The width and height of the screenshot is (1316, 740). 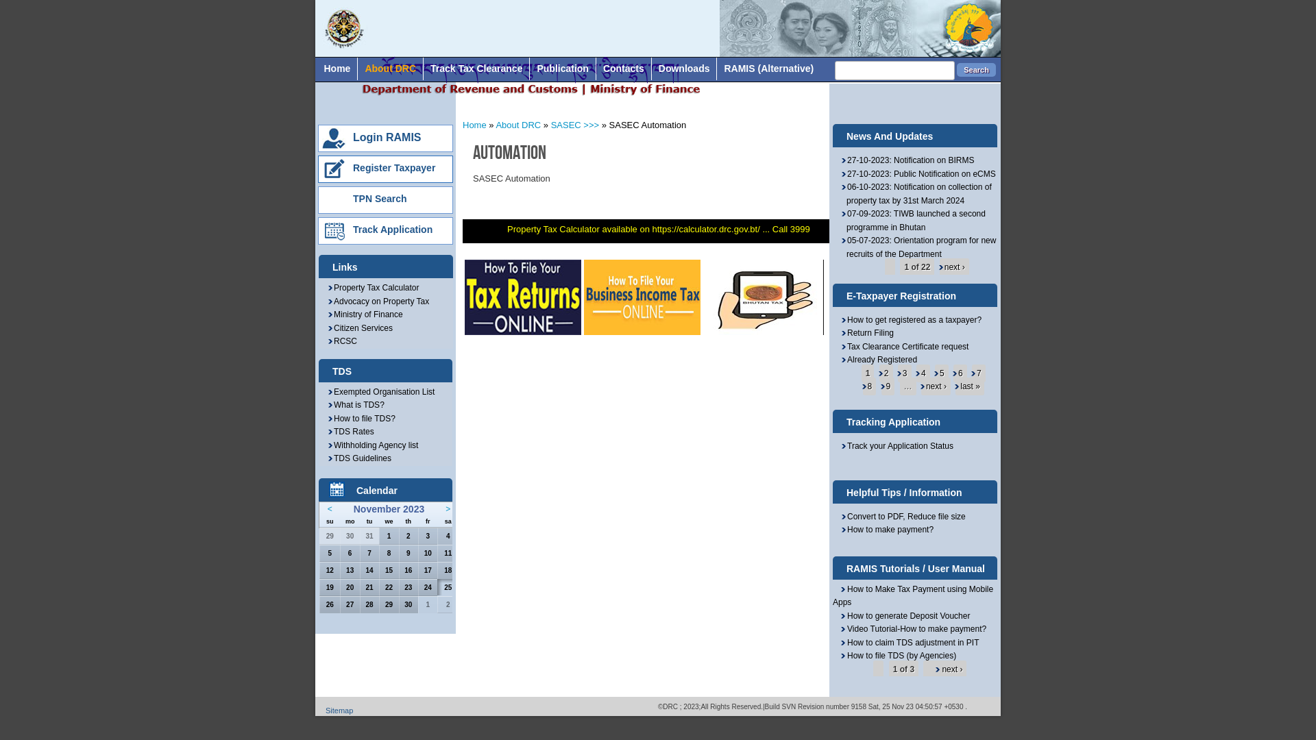 What do you see at coordinates (834, 71) in the screenshot?
I see `'Enter the terms you wish to search for.'` at bounding box center [834, 71].